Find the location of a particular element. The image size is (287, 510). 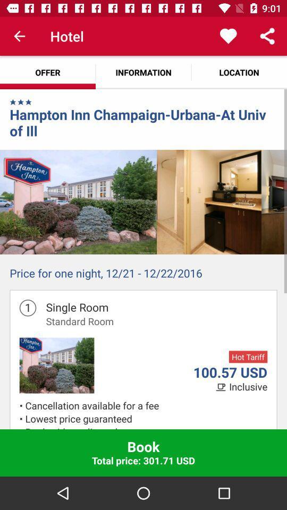

inclusive item is located at coordinates (248, 386).